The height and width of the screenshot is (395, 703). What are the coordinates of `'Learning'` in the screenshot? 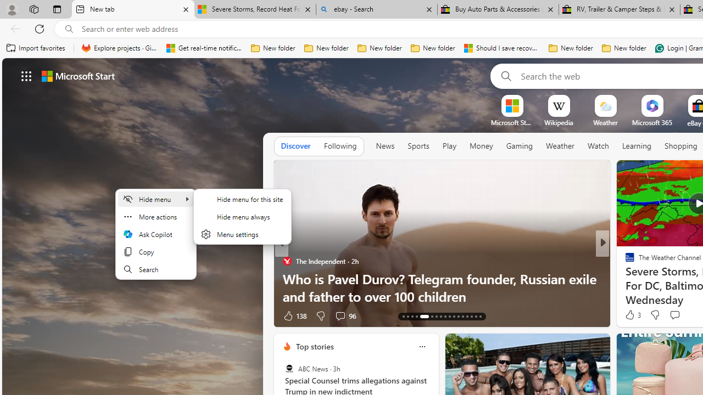 It's located at (637, 146).